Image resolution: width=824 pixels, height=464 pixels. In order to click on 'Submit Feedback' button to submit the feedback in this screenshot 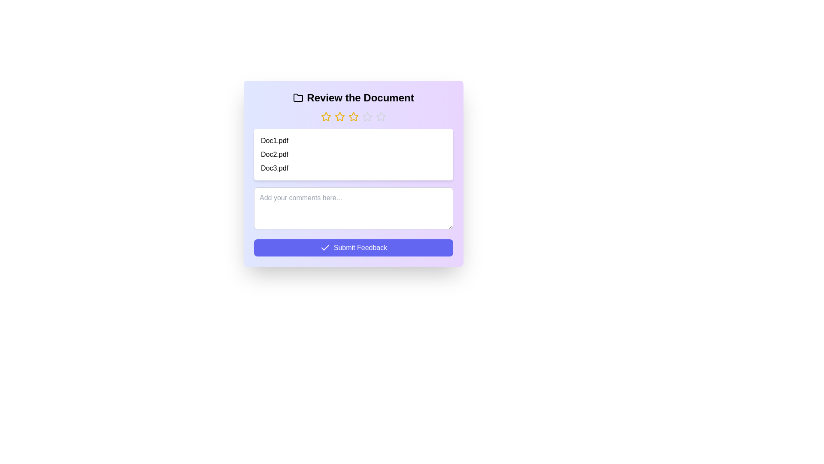, I will do `click(354, 248)`.